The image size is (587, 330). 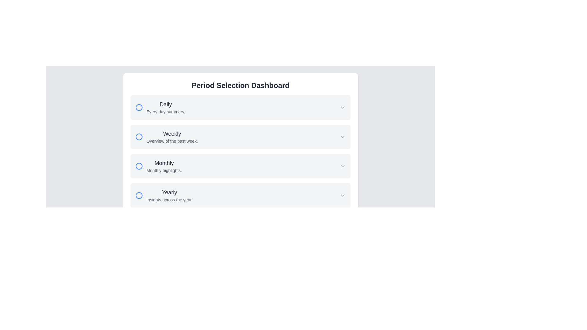 I want to click on the text label that reads 'Overview of the past week.' which is located beneath the 'Weekly' heading in the 'Period Selection Dashboard' interface, so click(x=172, y=141).